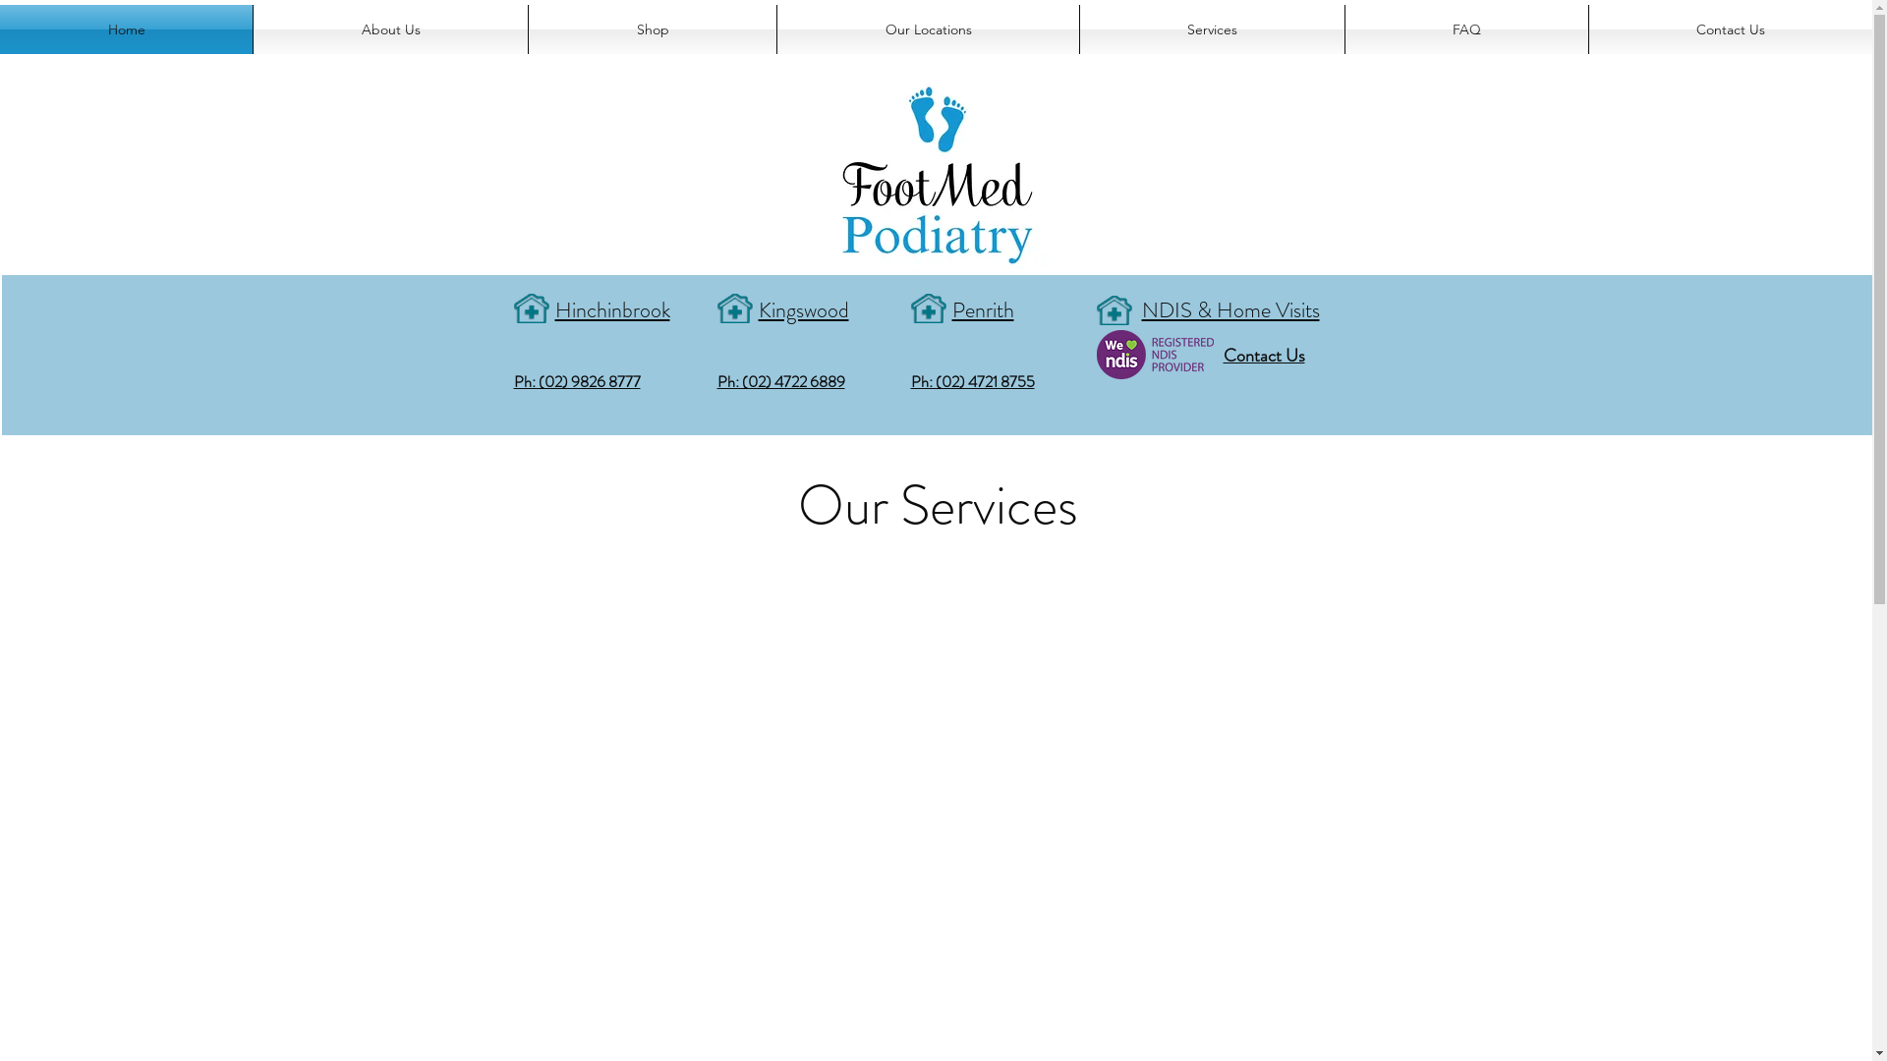  I want to click on 'FAQ', so click(1466, 29).